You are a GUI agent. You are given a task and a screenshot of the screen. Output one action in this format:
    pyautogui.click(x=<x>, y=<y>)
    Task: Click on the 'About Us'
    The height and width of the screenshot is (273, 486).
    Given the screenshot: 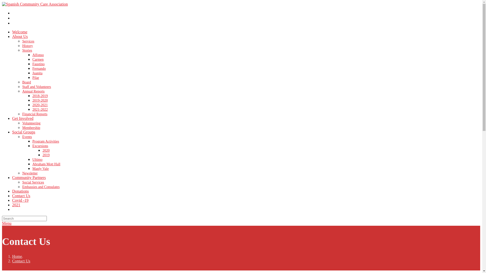 What is the action you would take?
    pyautogui.click(x=20, y=36)
    